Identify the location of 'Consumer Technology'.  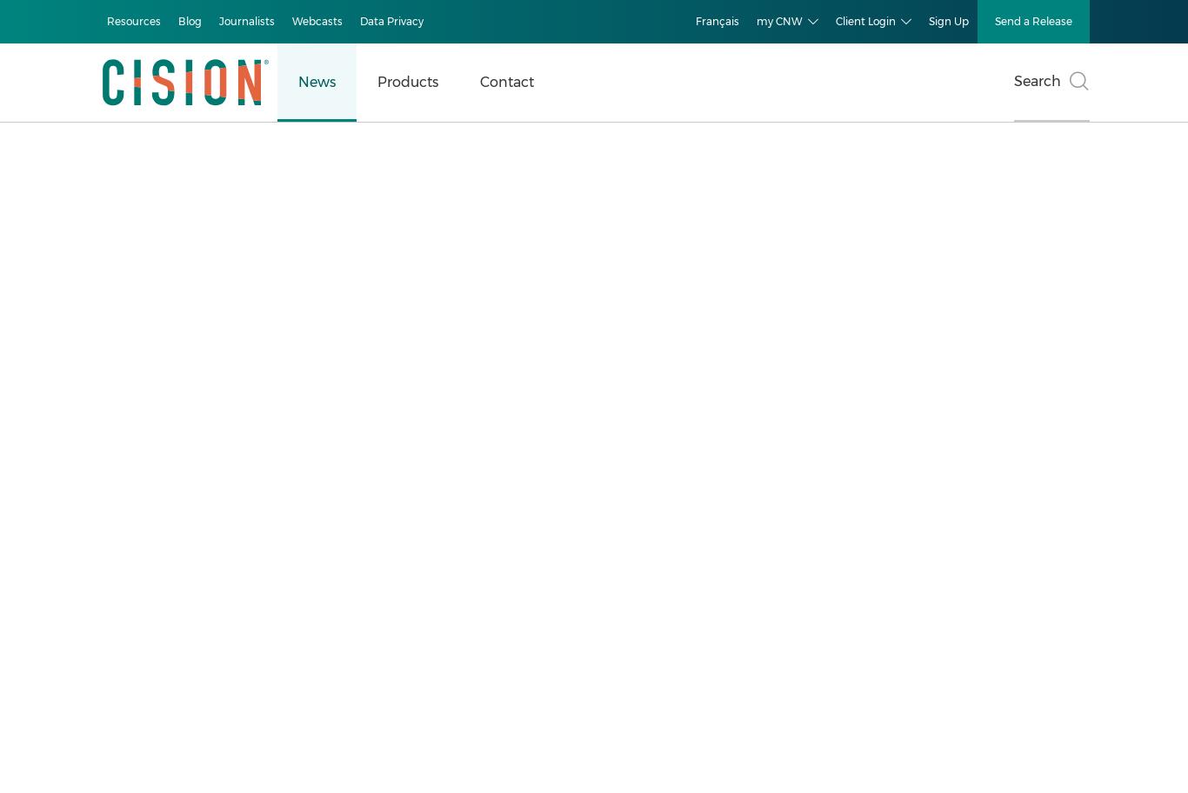
(135, 496).